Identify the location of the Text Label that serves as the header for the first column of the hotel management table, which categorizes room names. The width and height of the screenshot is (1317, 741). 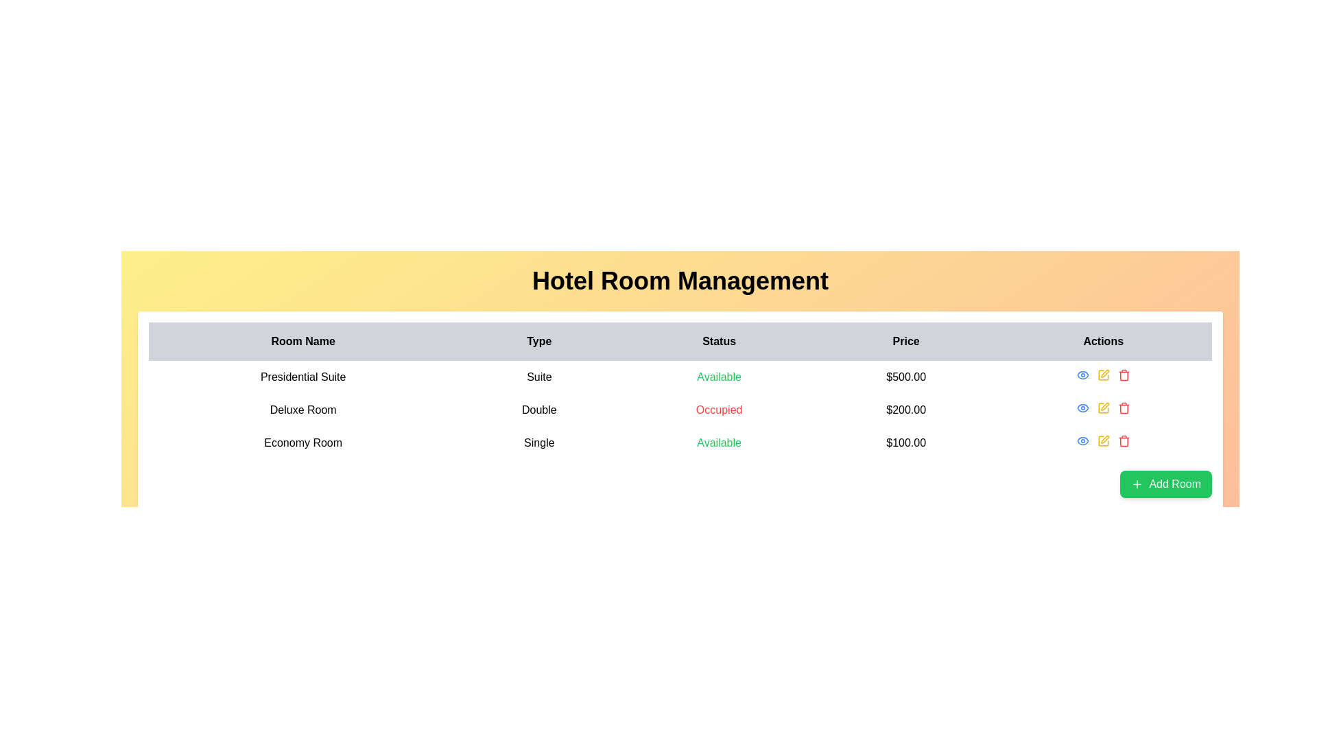
(302, 340).